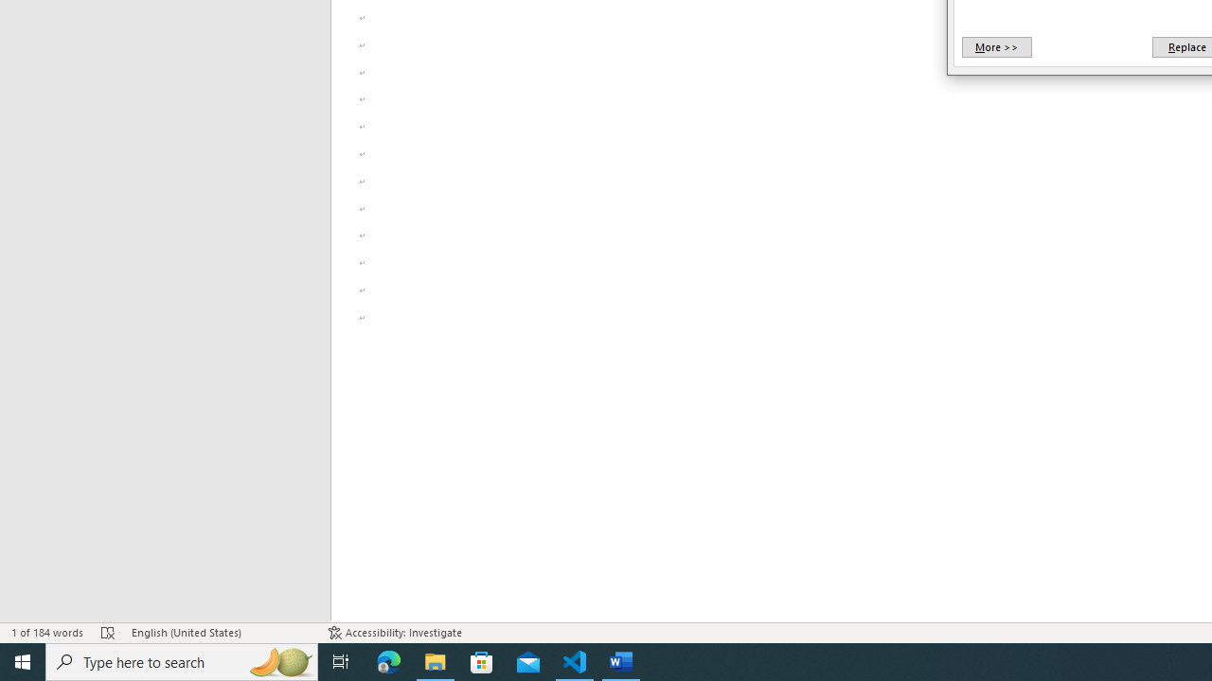  What do you see at coordinates (574, 660) in the screenshot?
I see `'Visual Studio Code - 1 running window'` at bounding box center [574, 660].